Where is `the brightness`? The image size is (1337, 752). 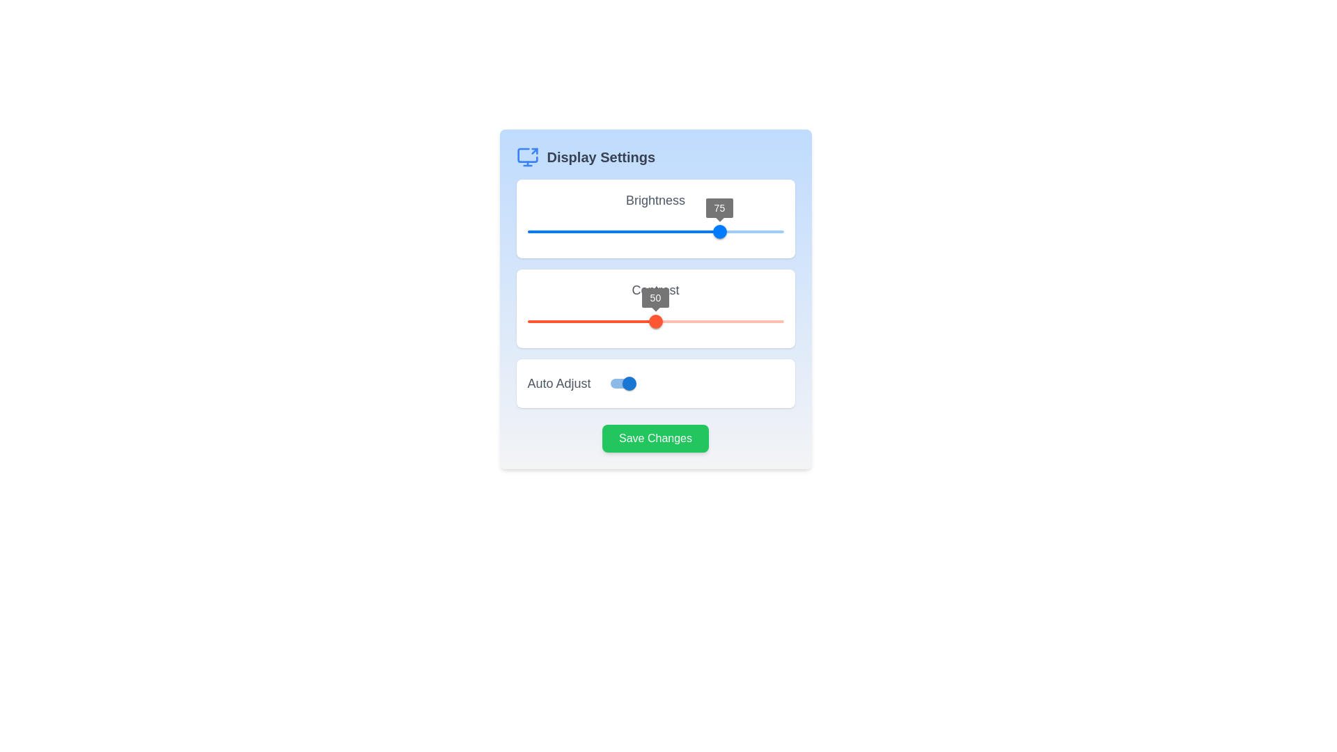 the brightness is located at coordinates (731, 230).